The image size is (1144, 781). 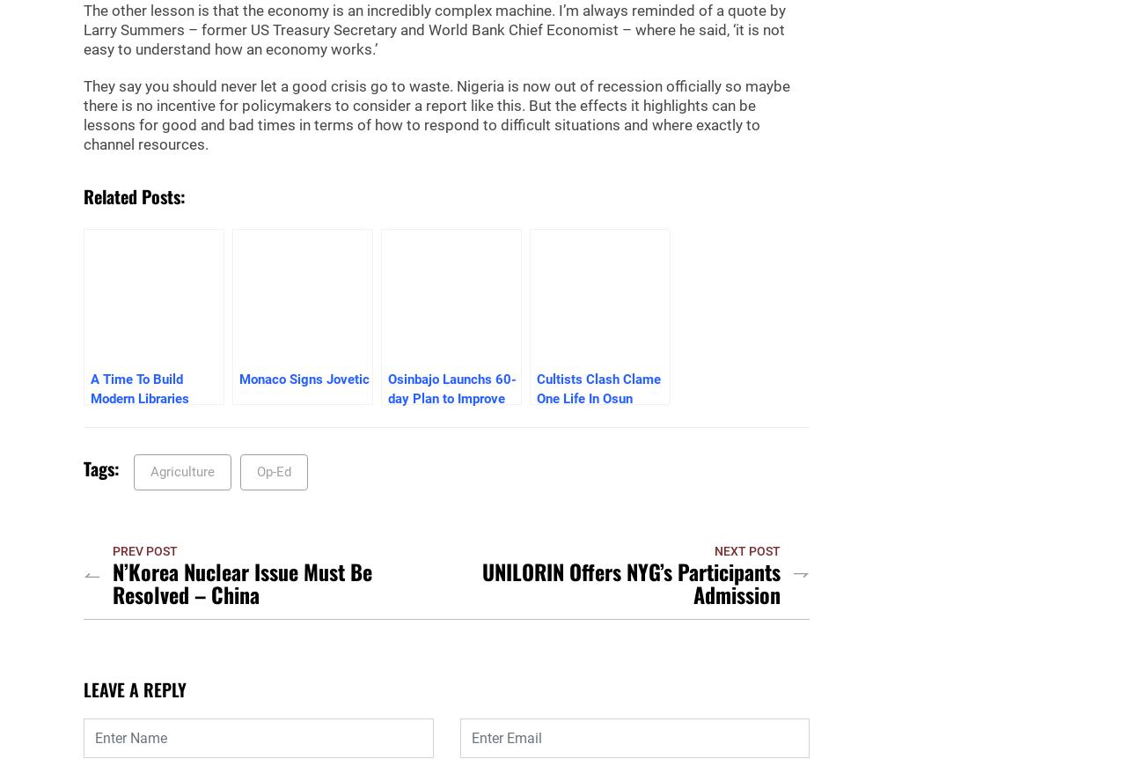 I want to click on 'Cultists Clash Clame One Life In Osun', so click(x=536, y=388).